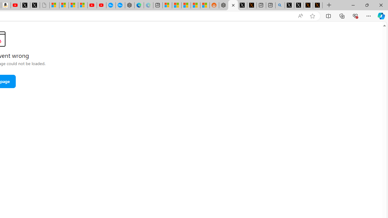 This screenshot has width=388, height=218. Describe the element at coordinates (205, 5) in the screenshot. I see `'Shanghai, China Weather trends | Microsoft Weather'` at that location.